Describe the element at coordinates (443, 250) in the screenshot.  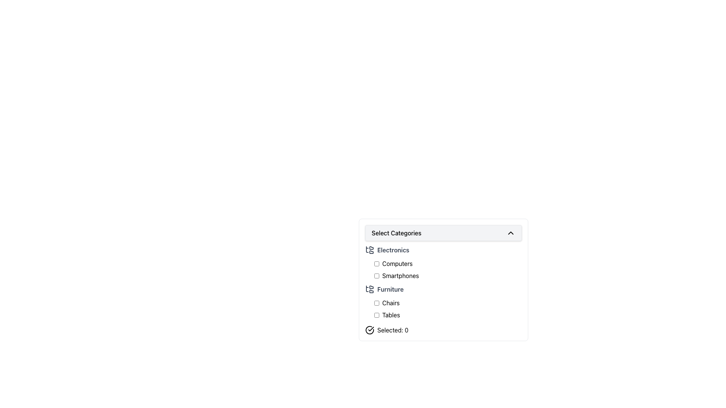
I see `the 'Electronics' category header from the dropdown menu, which is the first row under 'Select Categories'` at that location.